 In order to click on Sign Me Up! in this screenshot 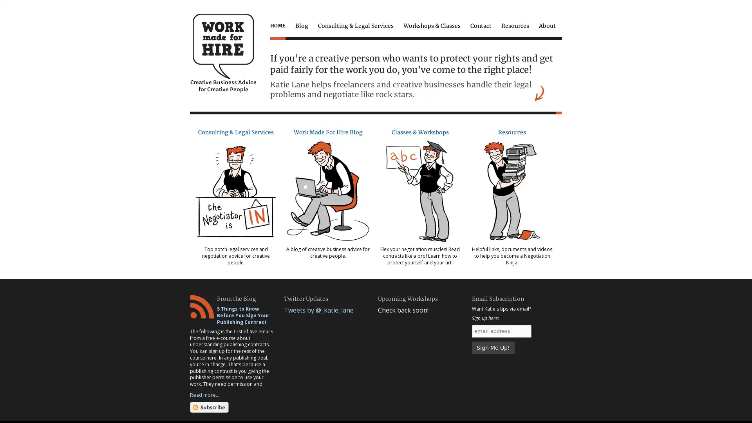, I will do `click(492, 347)`.